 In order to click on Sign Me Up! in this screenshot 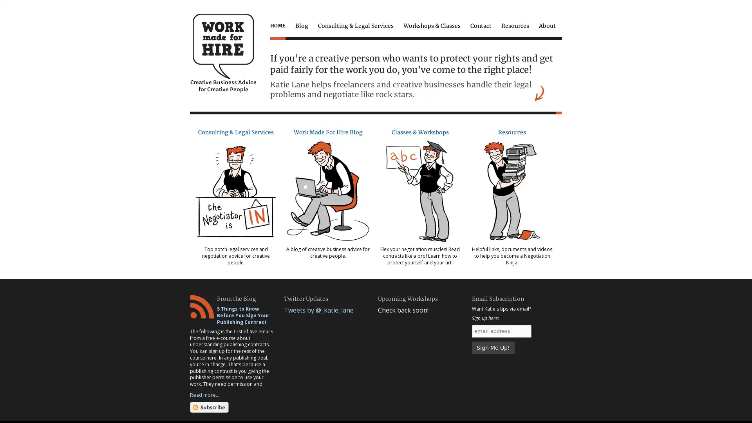, I will do `click(492, 347)`.